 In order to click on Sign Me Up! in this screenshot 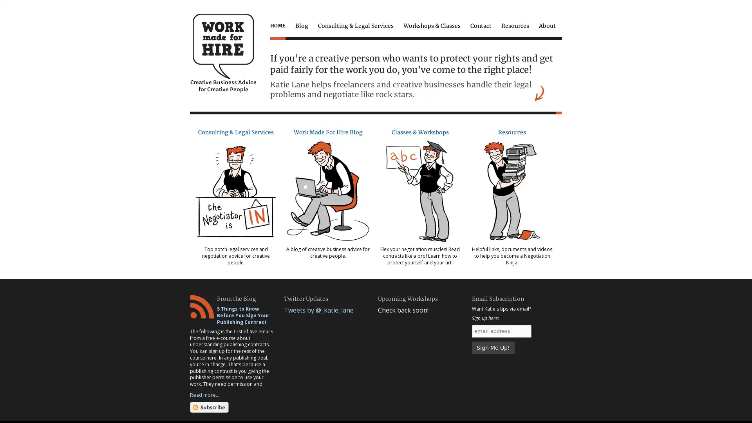, I will do `click(492, 347)`.